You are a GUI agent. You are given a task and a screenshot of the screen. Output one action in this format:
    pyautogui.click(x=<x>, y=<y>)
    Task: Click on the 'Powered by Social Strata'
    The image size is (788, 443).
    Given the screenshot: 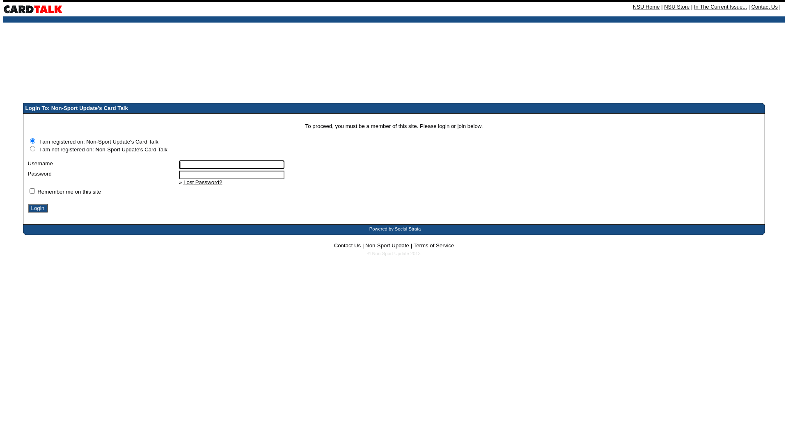 What is the action you would take?
    pyautogui.click(x=395, y=229)
    